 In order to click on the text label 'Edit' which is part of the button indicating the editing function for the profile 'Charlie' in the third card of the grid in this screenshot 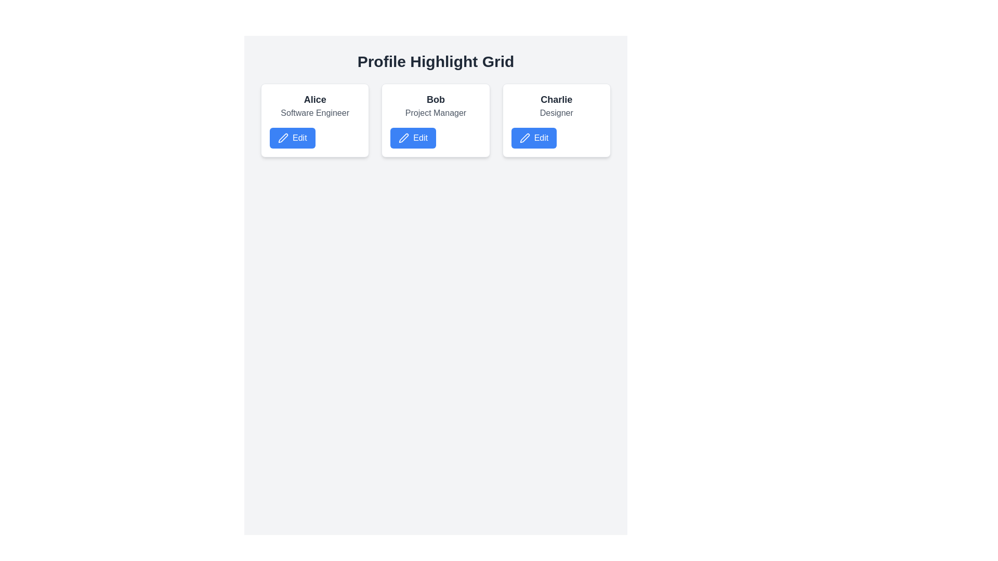, I will do `click(541, 138)`.